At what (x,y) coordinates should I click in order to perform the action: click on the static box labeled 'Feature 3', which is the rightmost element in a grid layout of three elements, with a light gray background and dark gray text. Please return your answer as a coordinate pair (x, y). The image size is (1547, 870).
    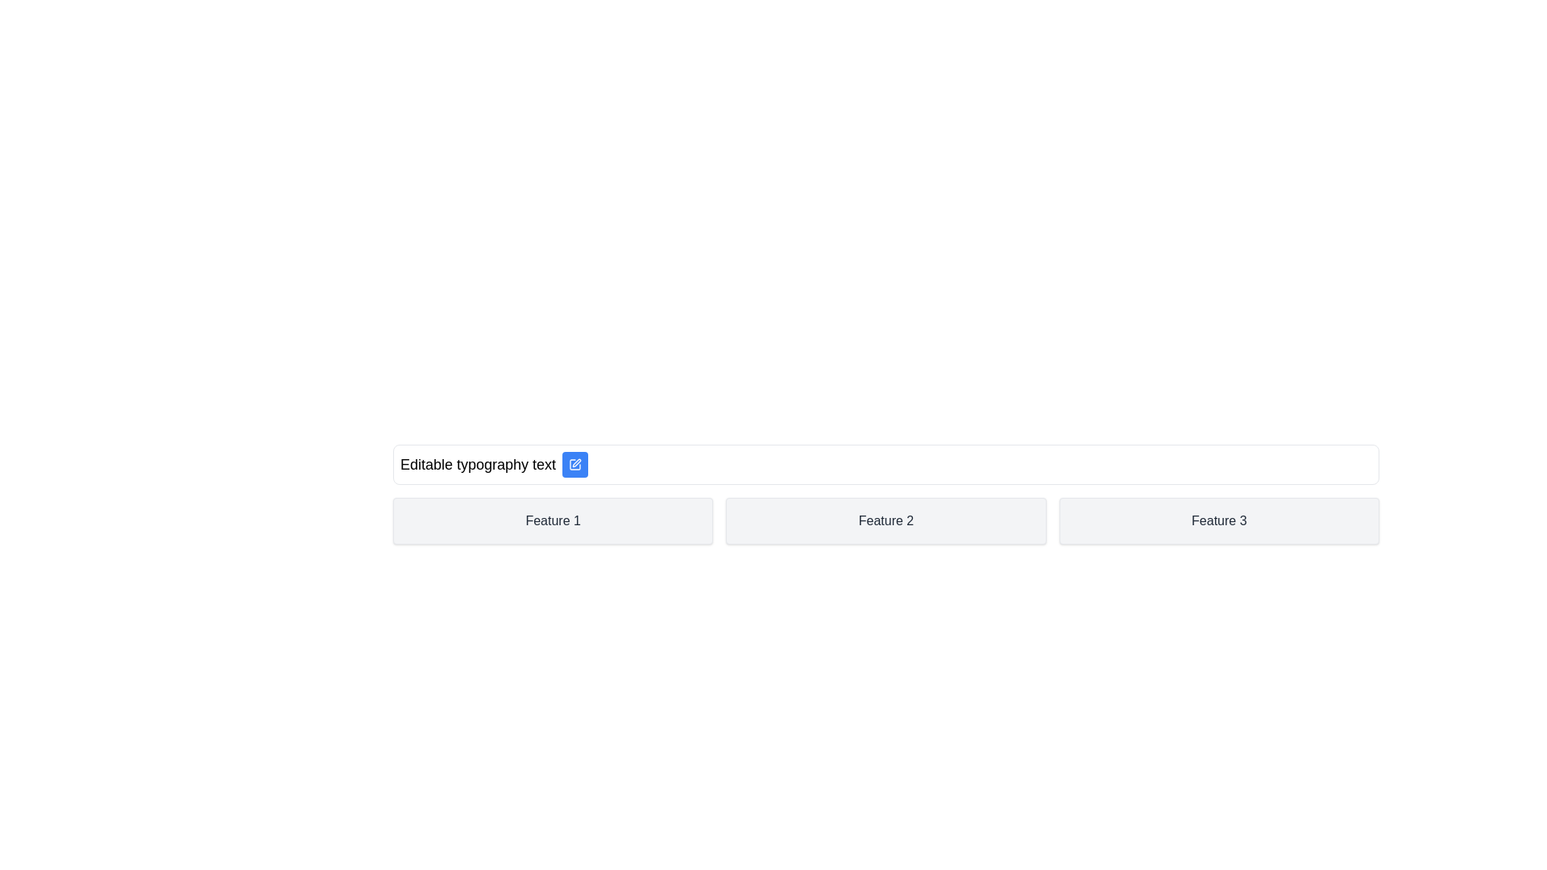
    Looking at the image, I should click on (1219, 521).